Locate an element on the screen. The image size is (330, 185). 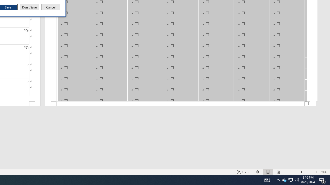
'Action Center, 2 new notifications' is located at coordinates (322, 179).